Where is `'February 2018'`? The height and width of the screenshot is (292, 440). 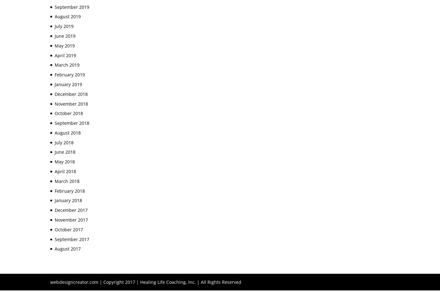
'February 2018' is located at coordinates (69, 190).